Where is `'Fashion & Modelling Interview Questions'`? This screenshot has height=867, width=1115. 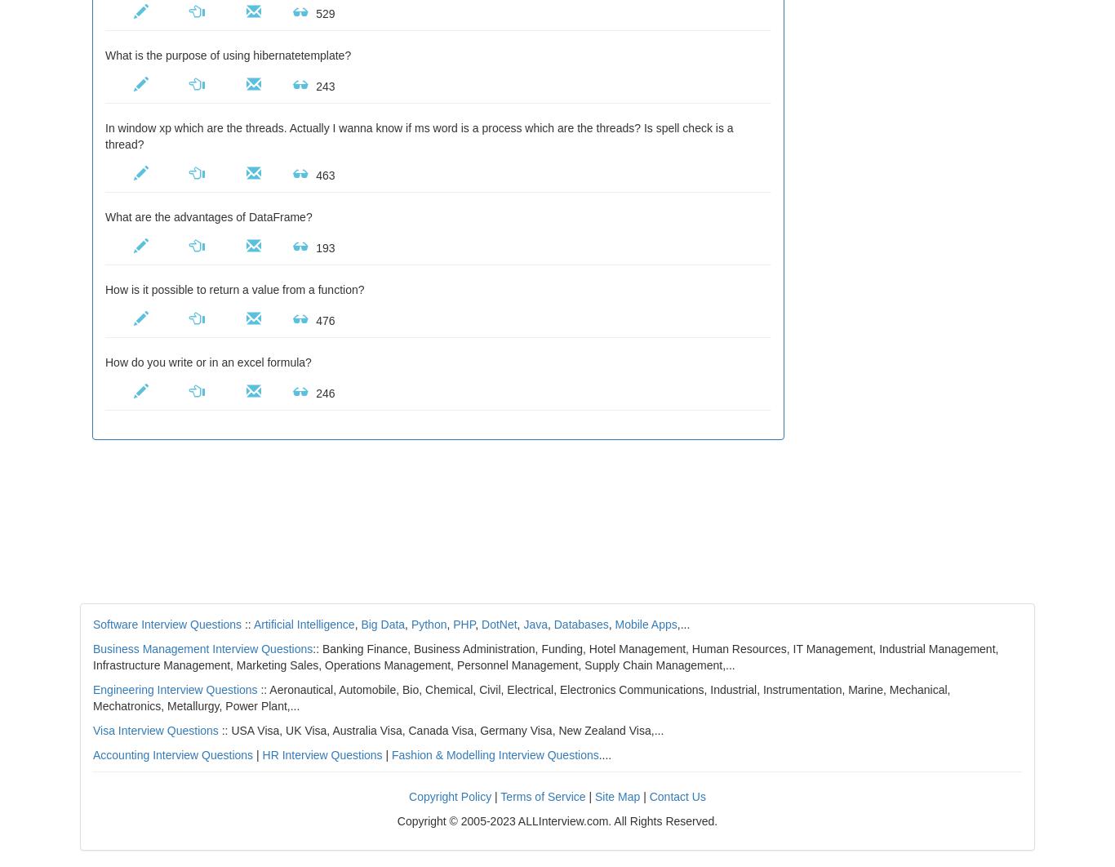
'Fashion & Modelling Interview Questions' is located at coordinates (494, 754).